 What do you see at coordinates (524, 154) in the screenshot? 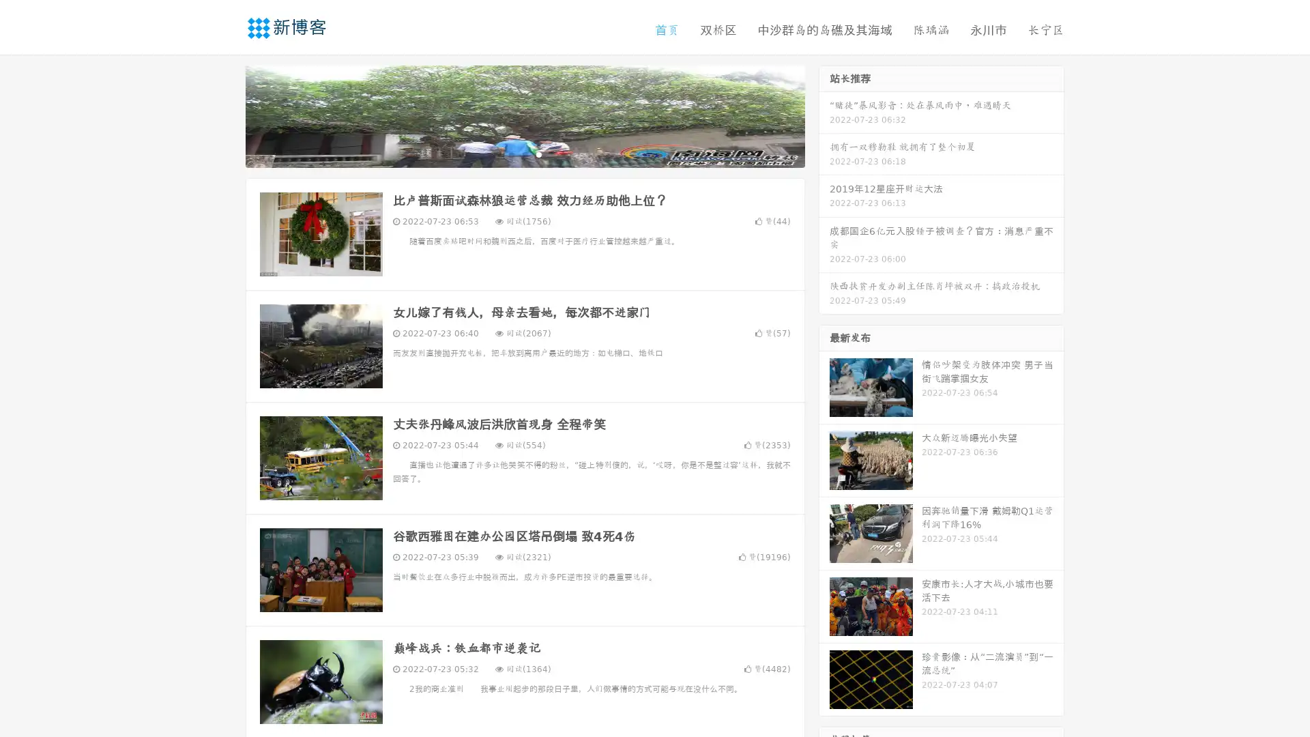
I see `Go to slide 2` at bounding box center [524, 154].